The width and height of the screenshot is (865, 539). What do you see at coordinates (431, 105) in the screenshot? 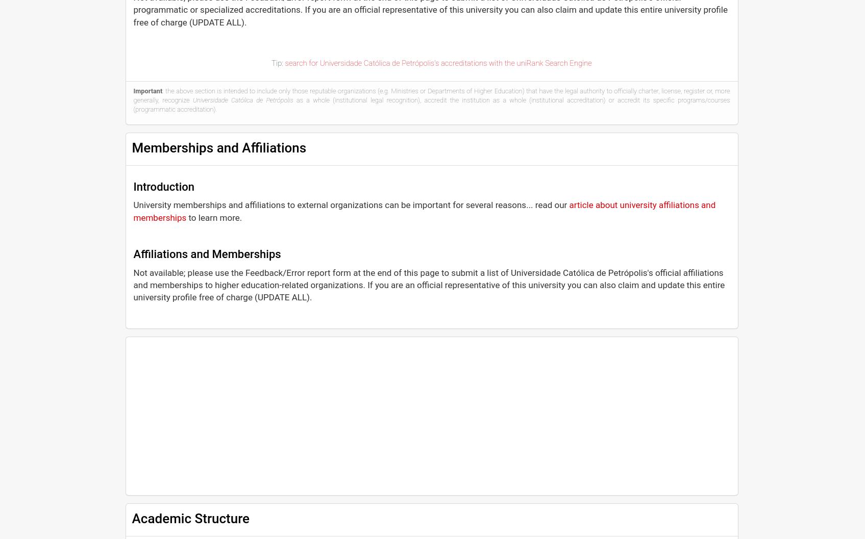
I see `'as a whole (institutional legal recognition), accredit the institution as a whole (institutional accreditation) or accredit its specific programs/courses (programmatic accreditation).'` at bounding box center [431, 105].